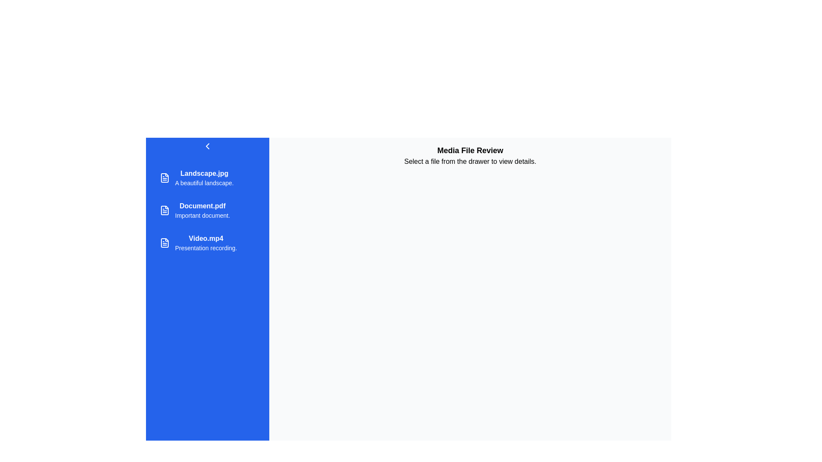 The width and height of the screenshot is (822, 462). What do you see at coordinates (164, 178) in the screenshot?
I see `the file icon located to the left of the text 'Landscape.jpg' in the first entry of the vertical list in the sidebar` at bounding box center [164, 178].